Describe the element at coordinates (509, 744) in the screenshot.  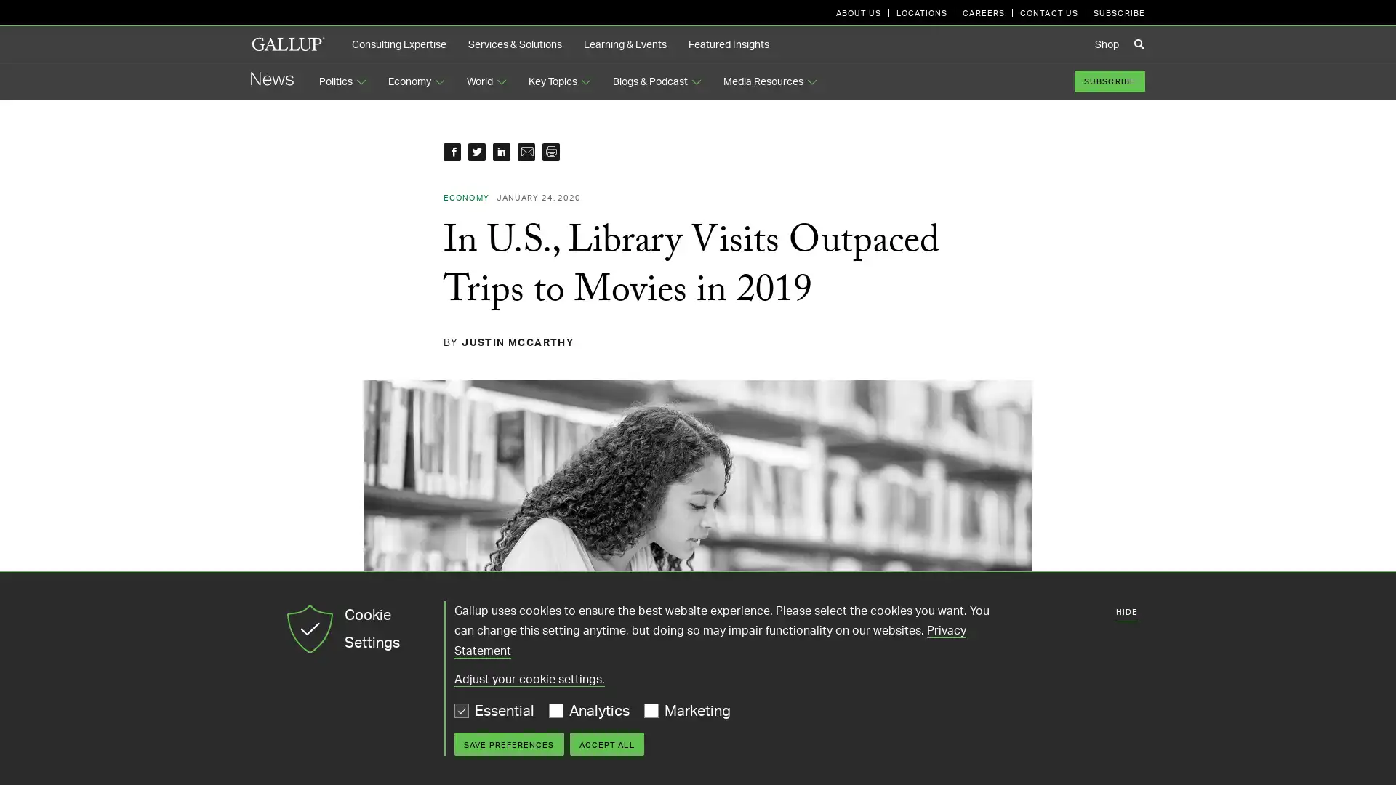
I see `SAVE PREFERENCES` at that location.